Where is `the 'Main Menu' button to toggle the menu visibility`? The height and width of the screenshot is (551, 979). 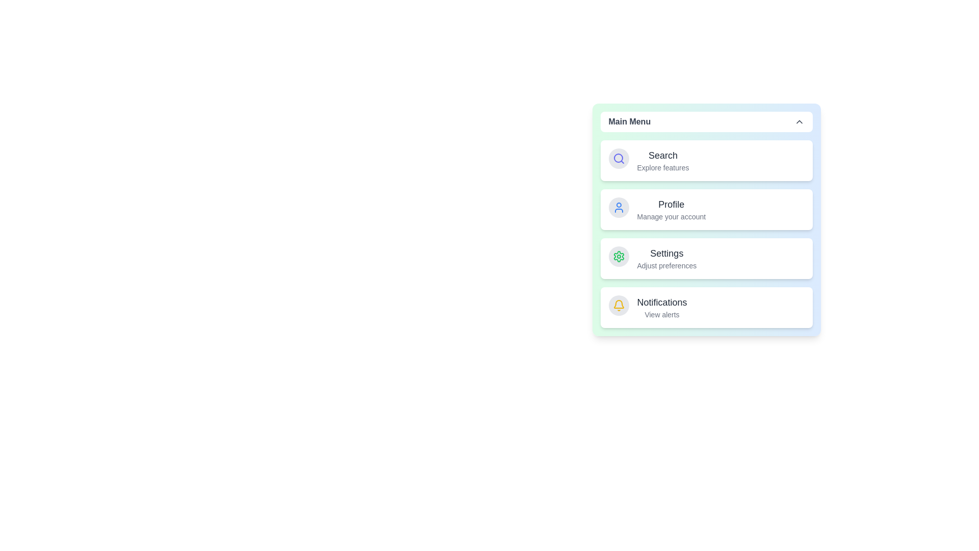 the 'Main Menu' button to toggle the menu visibility is located at coordinates (706, 121).